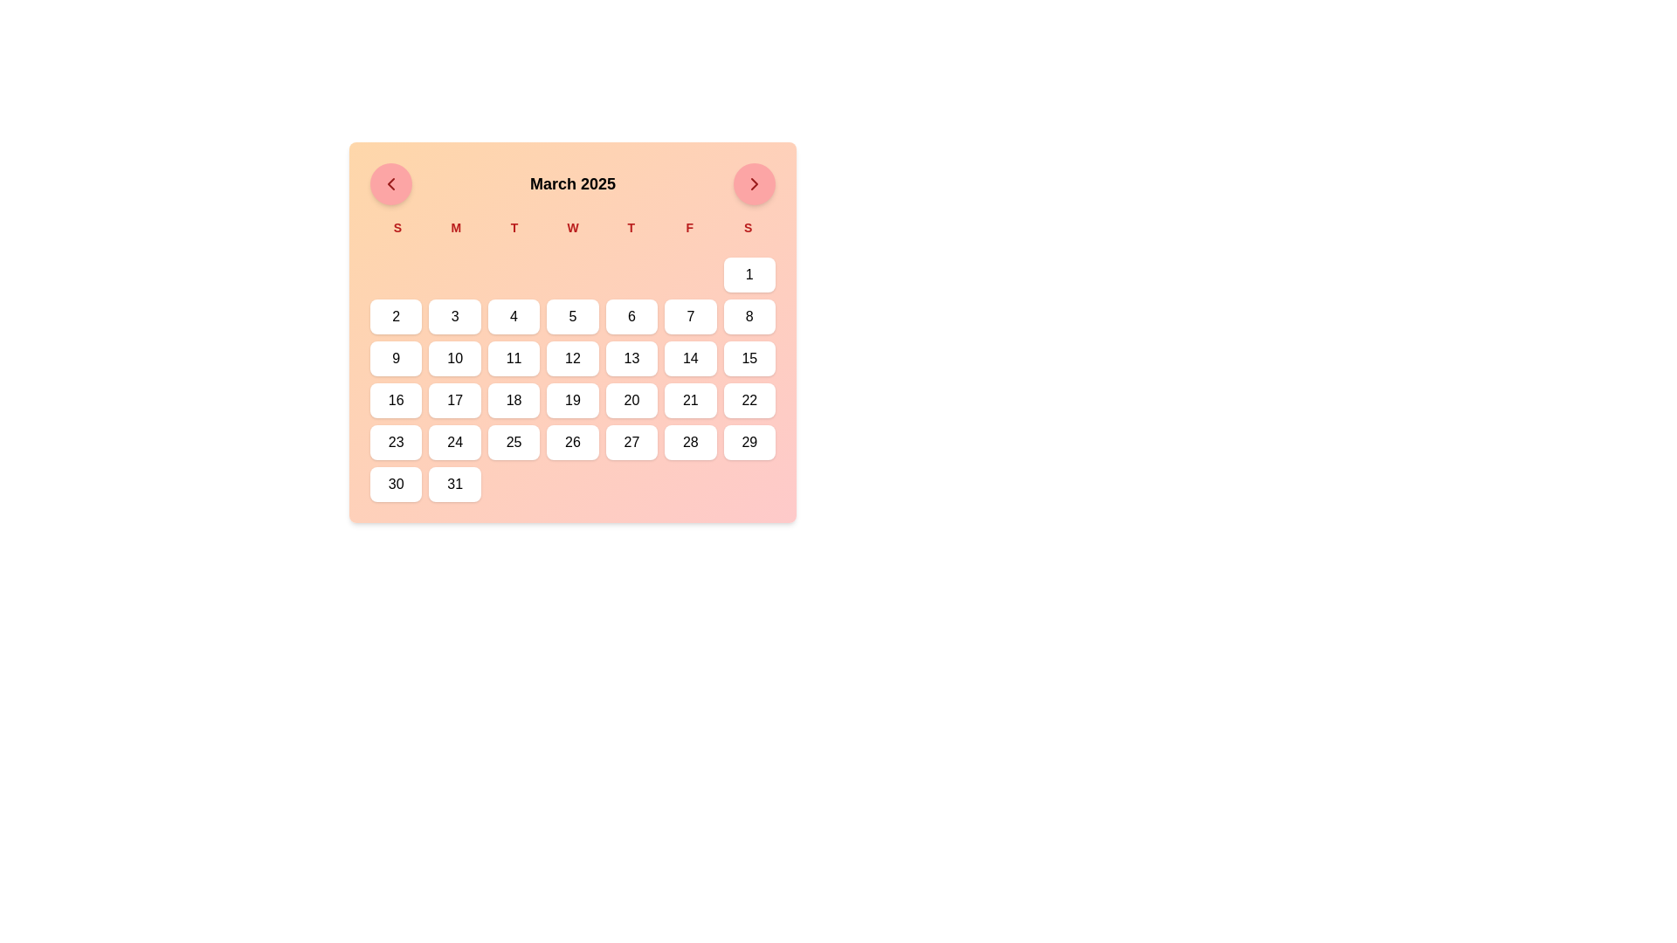  What do you see at coordinates (573, 227) in the screenshot?
I see `the static label displaying the letter 'W', which is the fourth character in a row of days of the week (SMTWTFS), styled in bold red text` at bounding box center [573, 227].